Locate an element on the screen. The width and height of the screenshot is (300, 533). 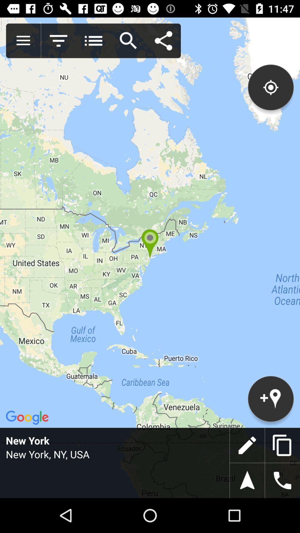
edit location is located at coordinates (247, 445).